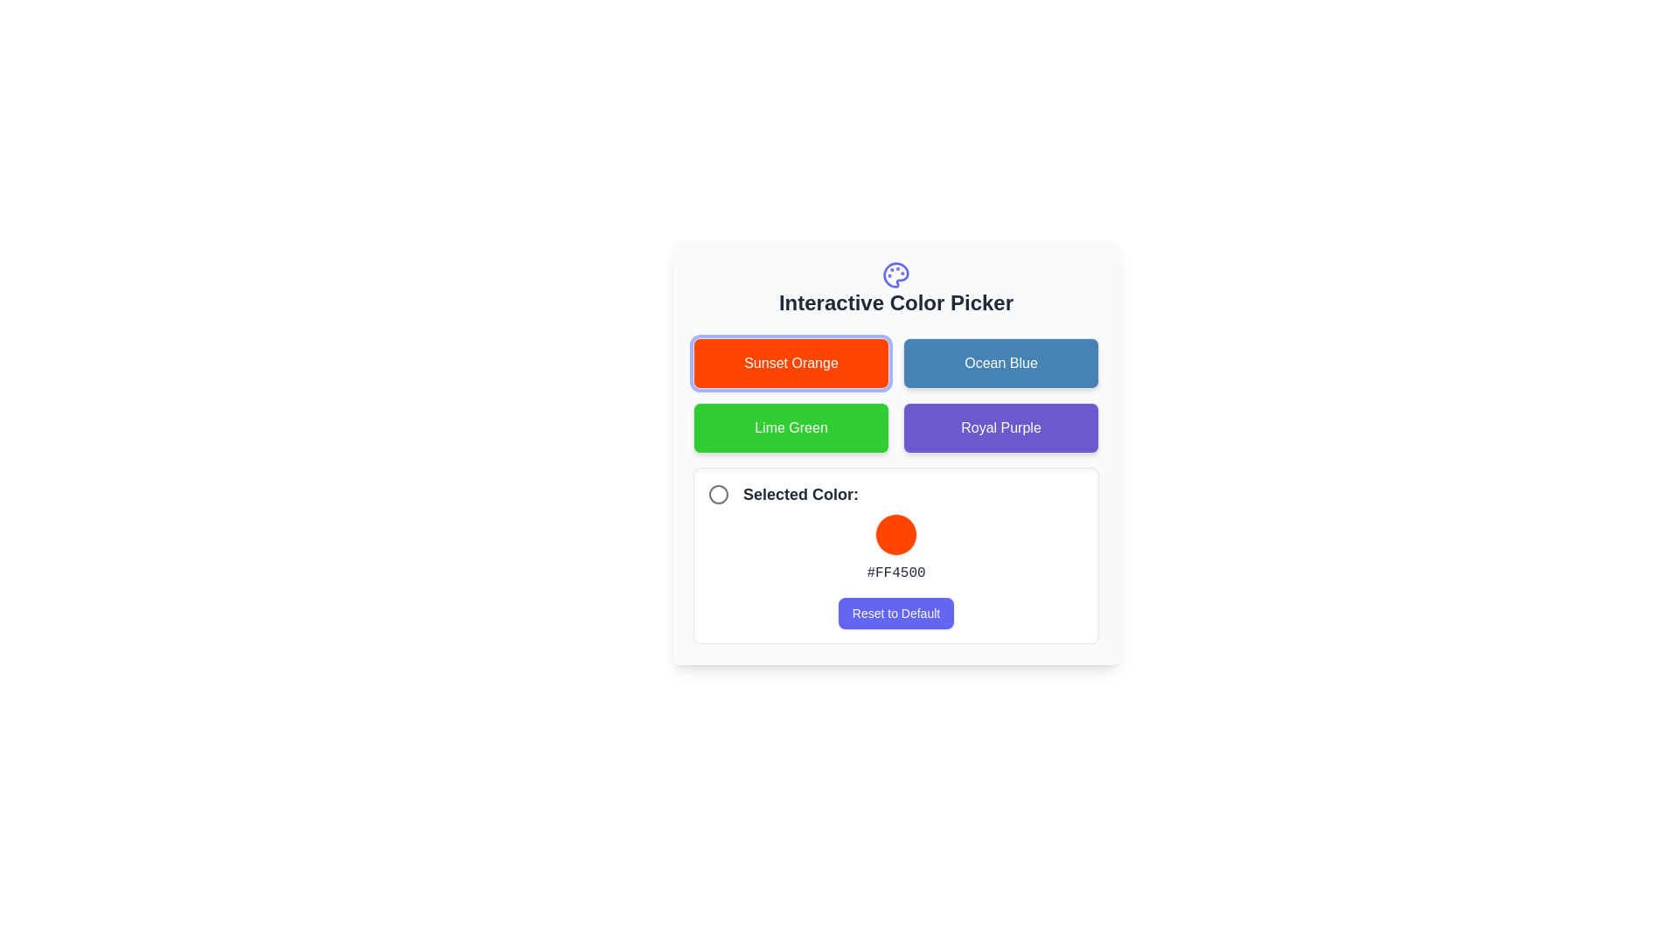 The width and height of the screenshot is (1679, 944). What do you see at coordinates (896, 534) in the screenshot?
I see `the circular colored button with a vibrant orange background that represents a color choice, located above the text '#FF4500' in the box labeled 'Selected Color:'` at bounding box center [896, 534].